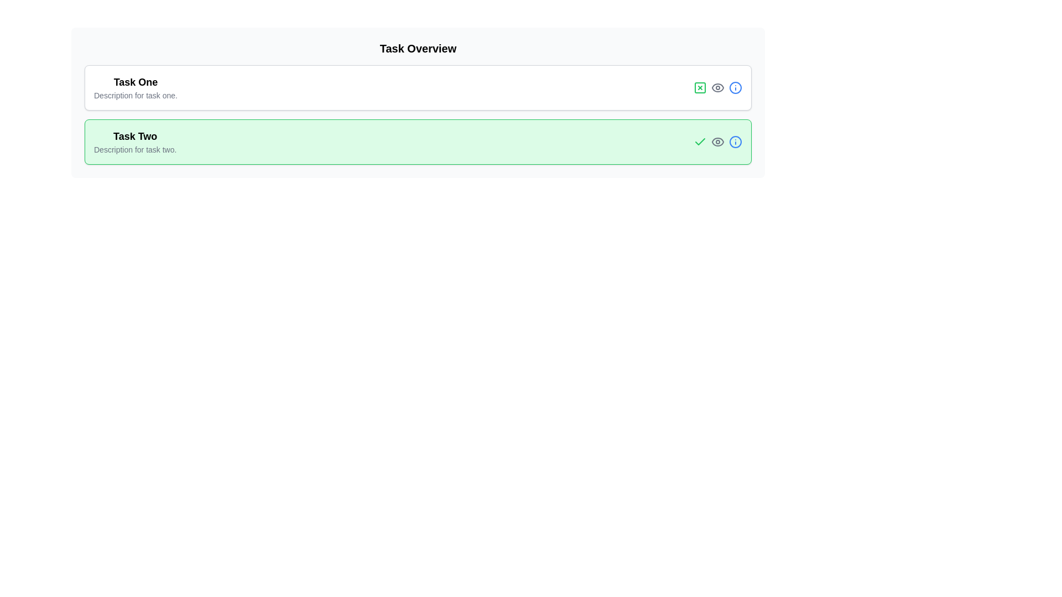 This screenshot has height=597, width=1062. Describe the element at coordinates (717, 87) in the screenshot. I see `the icon group or action menu located on the right side of the 'Task One' section, which is styled with different colors and includes a title and description` at that location.